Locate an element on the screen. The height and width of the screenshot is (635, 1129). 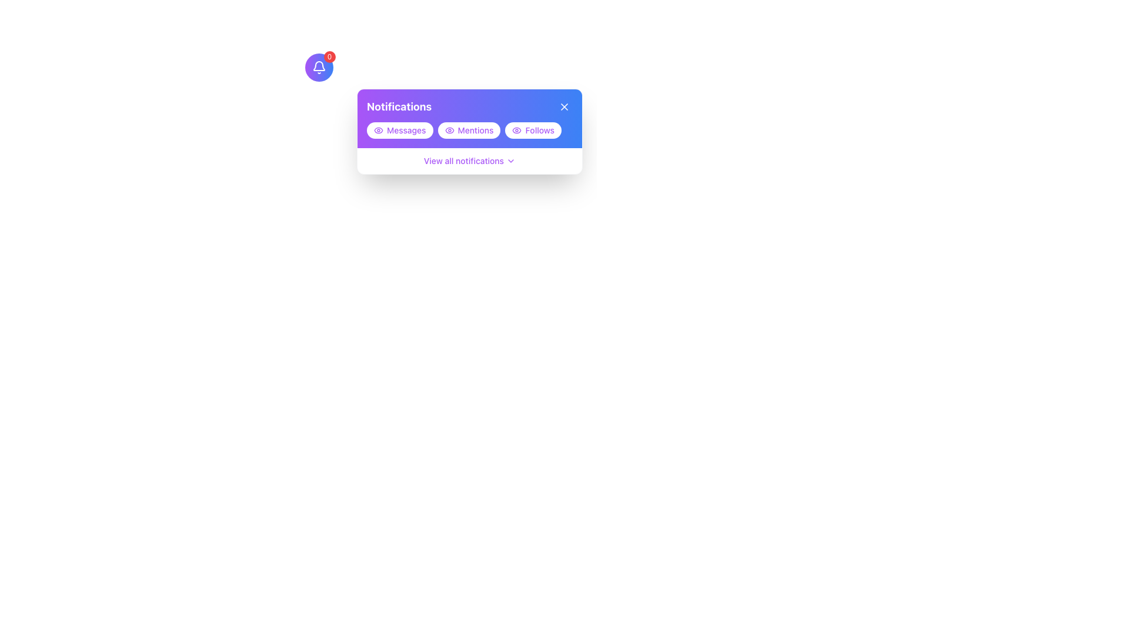
the cross icon located in the top-right corner of the notification panel is located at coordinates (564, 106).